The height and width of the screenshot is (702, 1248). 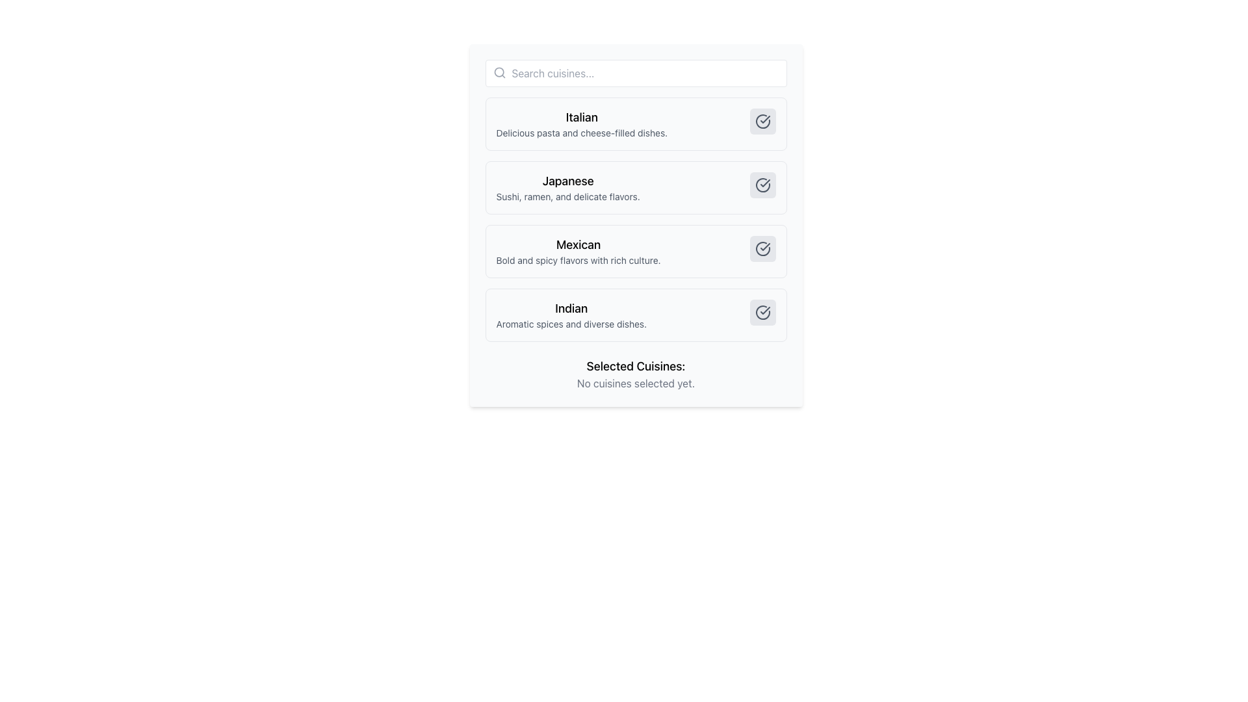 I want to click on the selection button for 'Japanese' cuisine, located at the top-right corner of the list item, so click(x=762, y=185).